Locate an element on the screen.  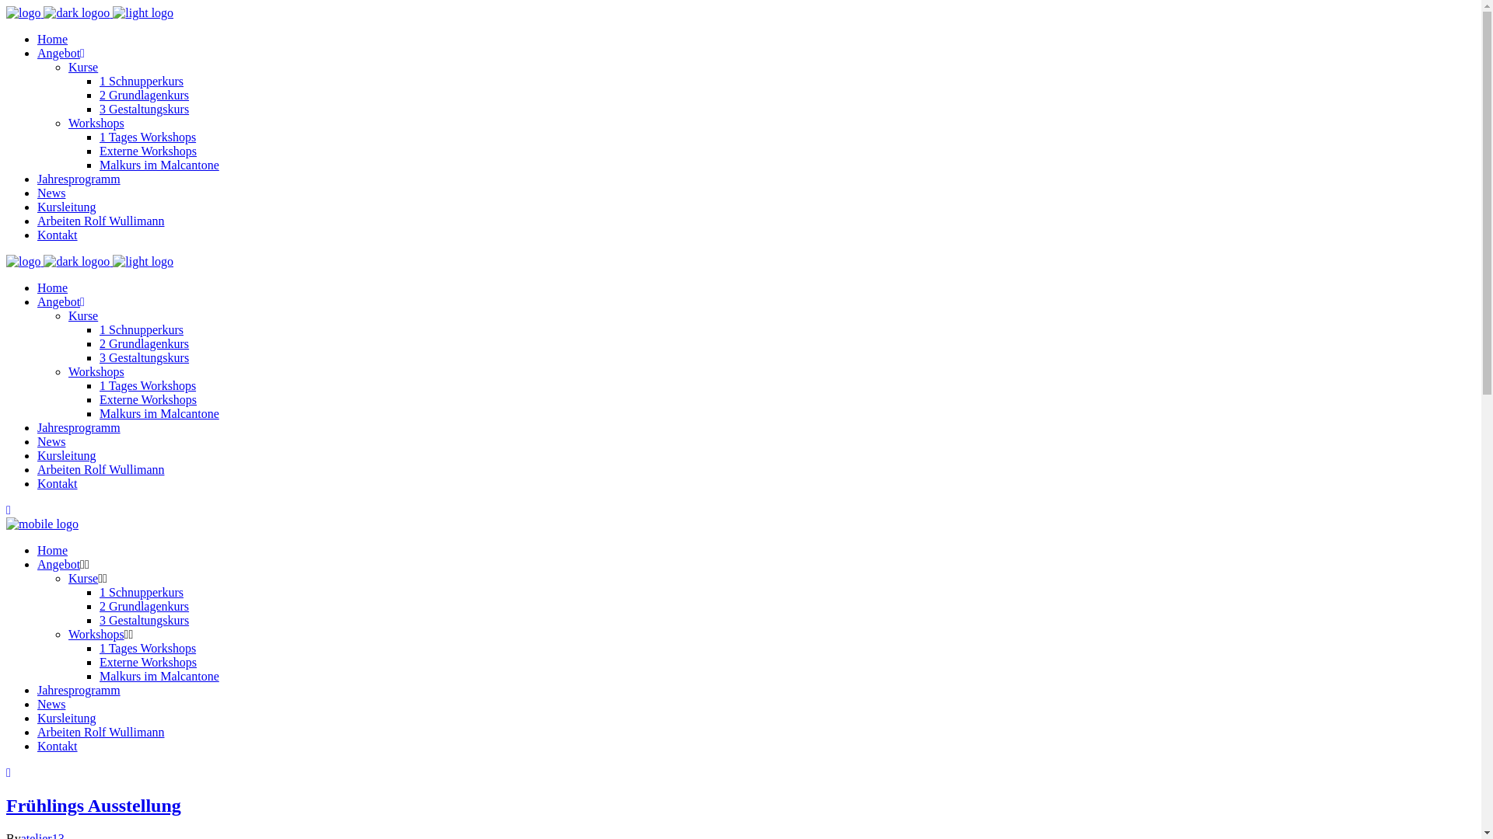
'Kursleitung' is located at coordinates (66, 206).